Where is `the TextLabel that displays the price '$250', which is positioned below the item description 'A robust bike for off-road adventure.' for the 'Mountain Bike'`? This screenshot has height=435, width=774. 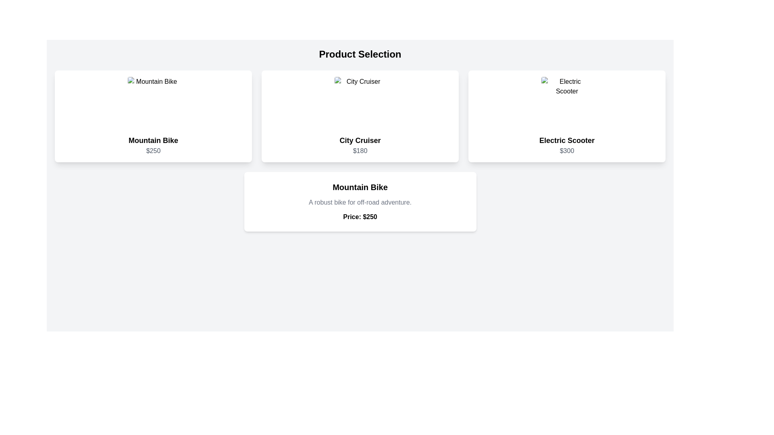
the TextLabel that displays the price '$250', which is positioned below the item description 'A robust bike for off-road adventure.' for the 'Mountain Bike' is located at coordinates (360, 217).